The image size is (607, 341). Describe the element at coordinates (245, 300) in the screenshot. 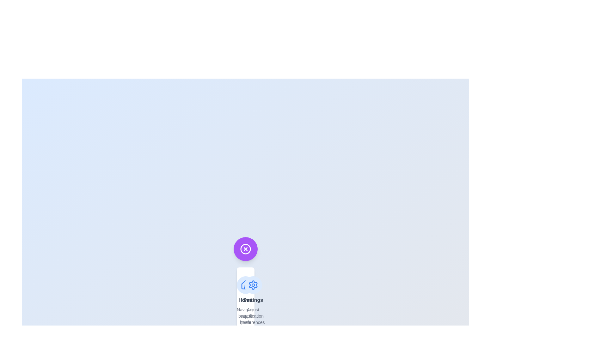

I see `the menu option labeled Home` at that location.